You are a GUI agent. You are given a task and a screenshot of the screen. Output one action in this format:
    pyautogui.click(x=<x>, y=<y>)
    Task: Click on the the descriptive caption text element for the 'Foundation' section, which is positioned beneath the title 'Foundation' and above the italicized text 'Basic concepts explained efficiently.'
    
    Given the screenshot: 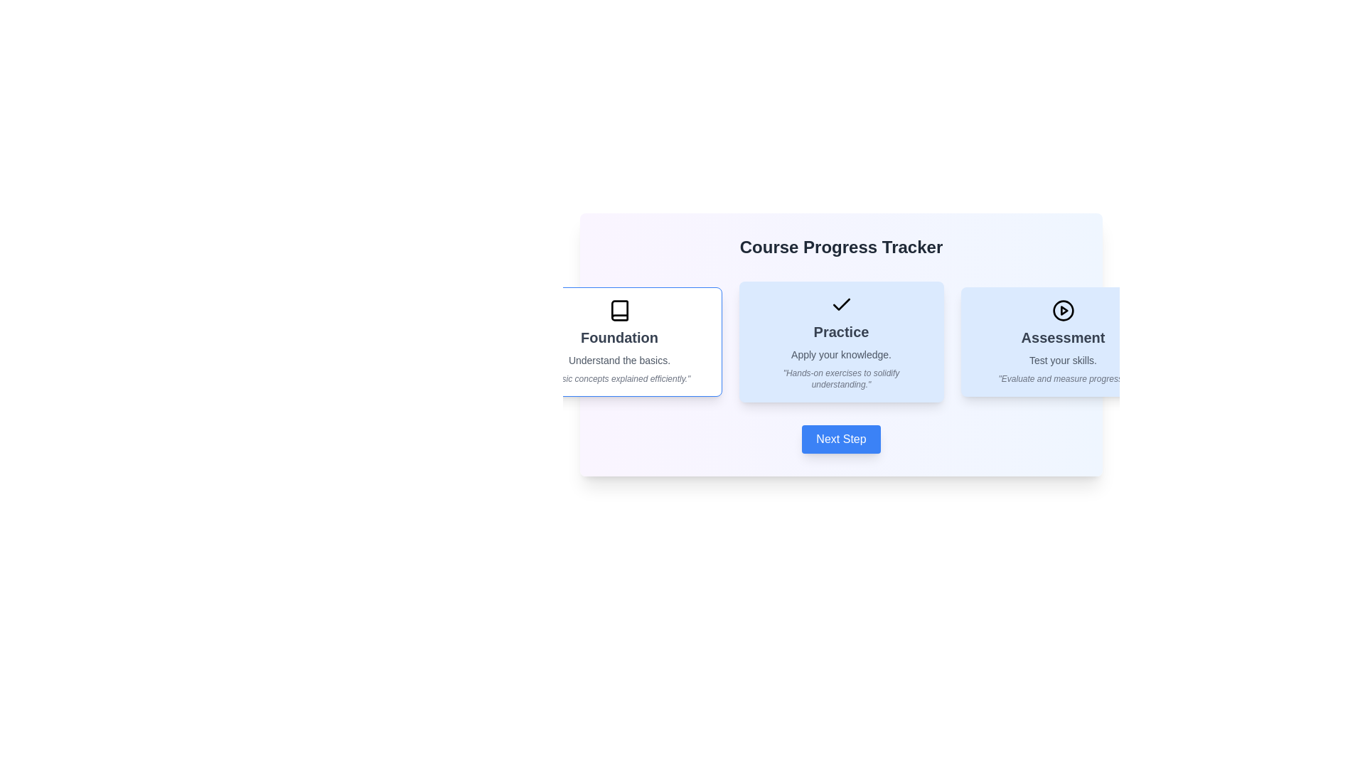 What is the action you would take?
    pyautogui.click(x=619, y=359)
    